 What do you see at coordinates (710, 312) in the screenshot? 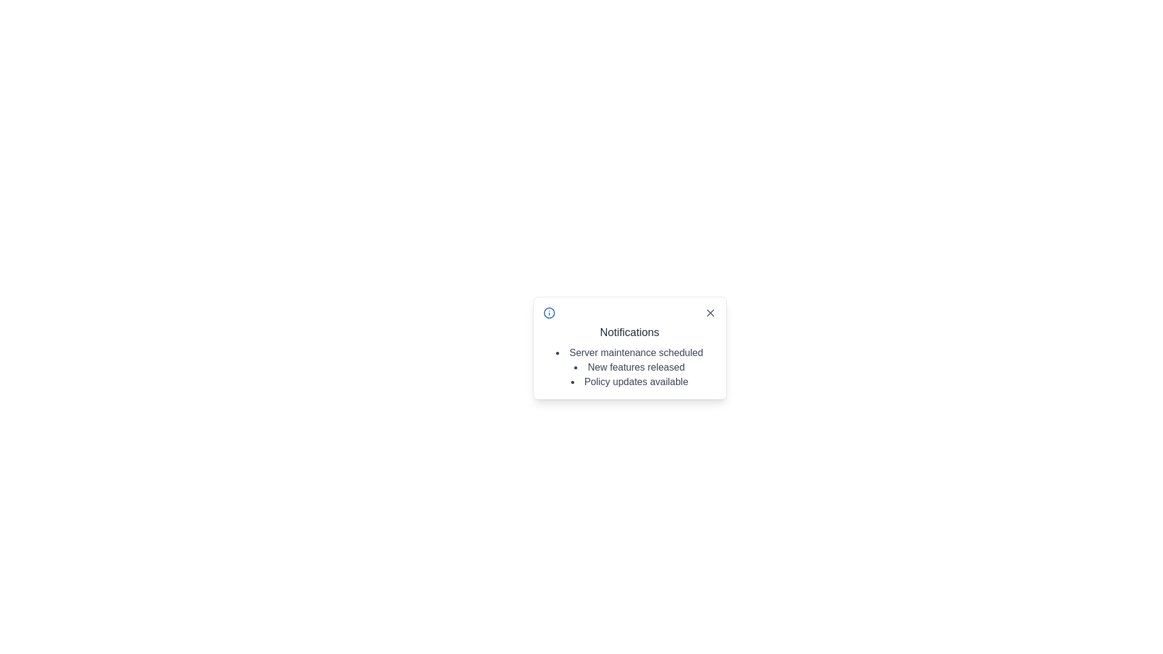
I see `the close button located at the top-right corner of the notification box to change the icon color to red` at bounding box center [710, 312].